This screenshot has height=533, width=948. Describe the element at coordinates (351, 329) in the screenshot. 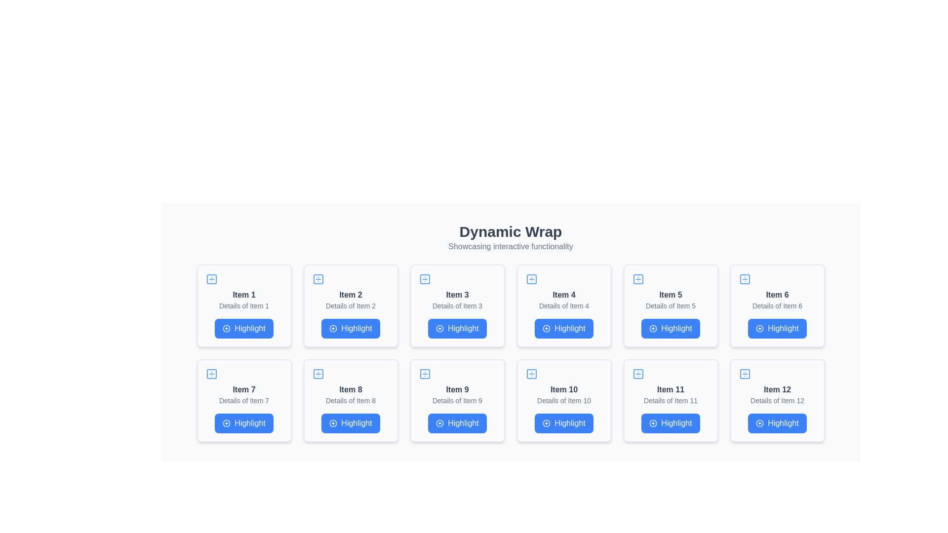

I see `the blue button labeled 'Highlight' with a '+' icon, located in the card labeled 'Item 2'` at that location.